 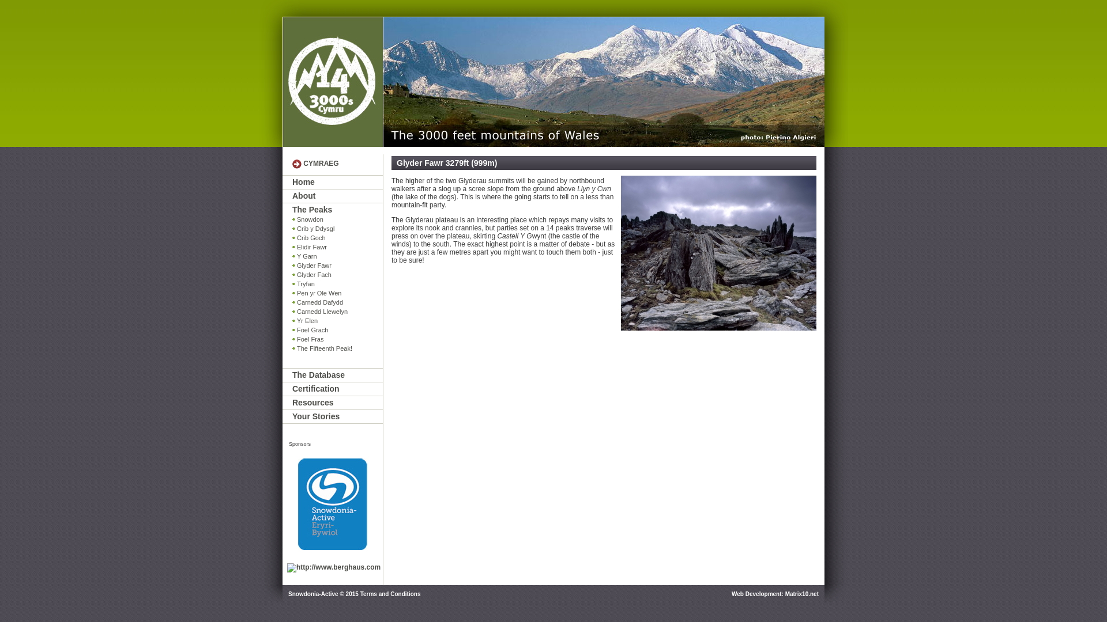 What do you see at coordinates (321, 164) in the screenshot?
I see `'CYMRAEG'` at bounding box center [321, 164].